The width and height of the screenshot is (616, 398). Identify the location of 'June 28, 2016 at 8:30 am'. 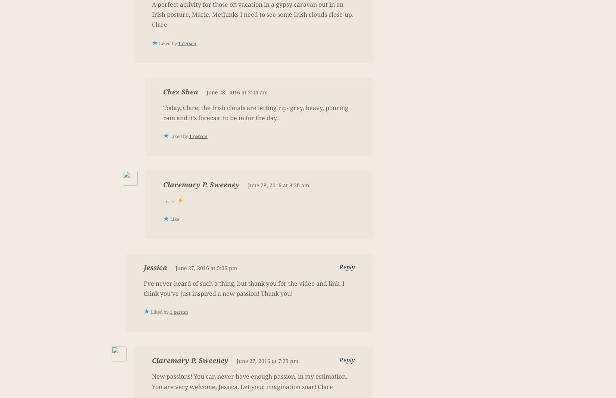
(247, 184).